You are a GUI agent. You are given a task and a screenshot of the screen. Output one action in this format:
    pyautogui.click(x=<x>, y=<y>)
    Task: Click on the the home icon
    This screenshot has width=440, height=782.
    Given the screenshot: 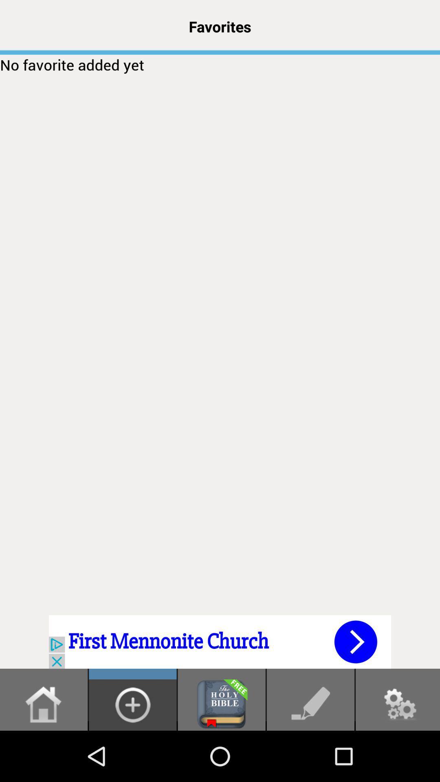 What is the action you would take?
    pyautogui.click(x=44, y=754)
    